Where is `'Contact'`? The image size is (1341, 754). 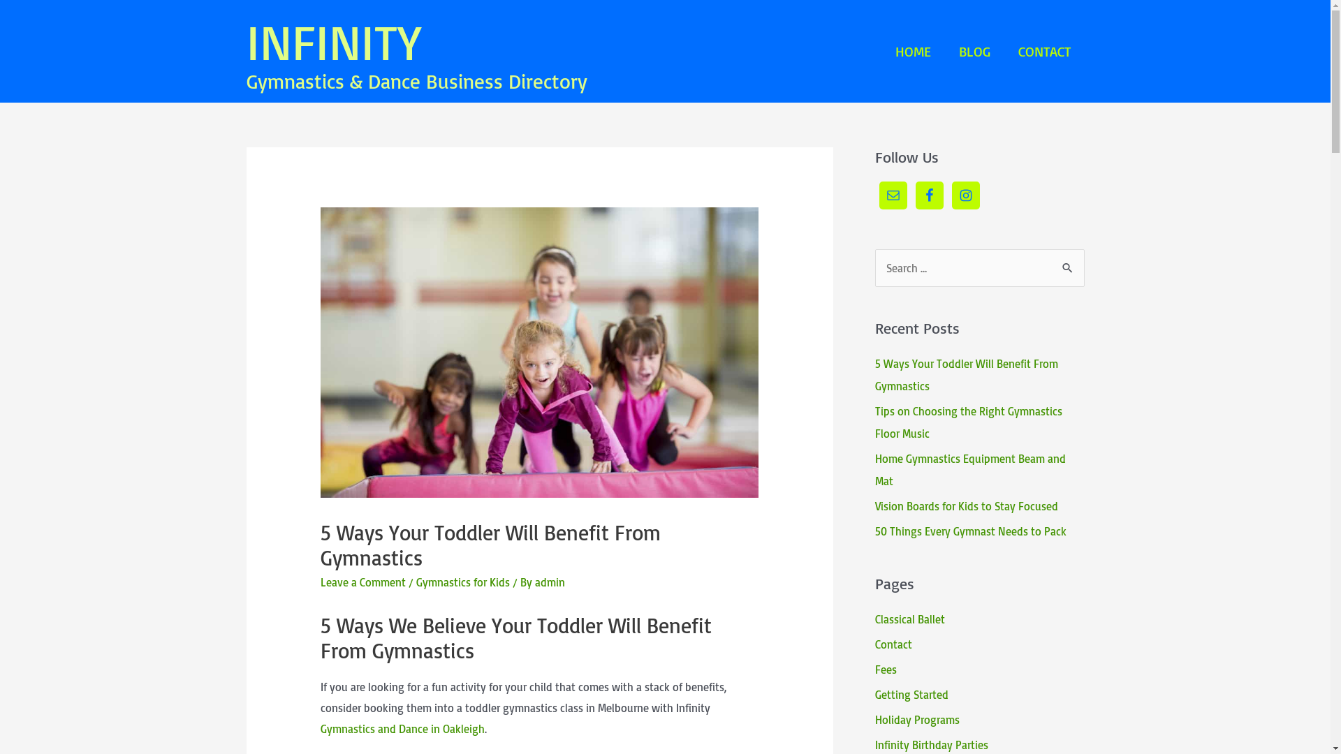 'Contact' is located at coordinates (892, 644).